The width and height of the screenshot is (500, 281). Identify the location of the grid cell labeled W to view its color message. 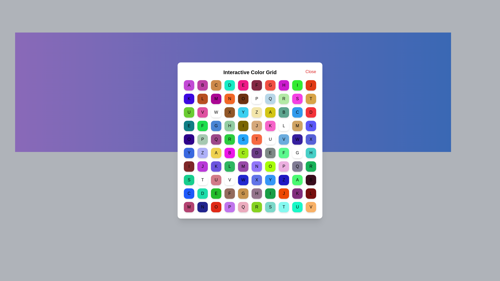
(216, 112).